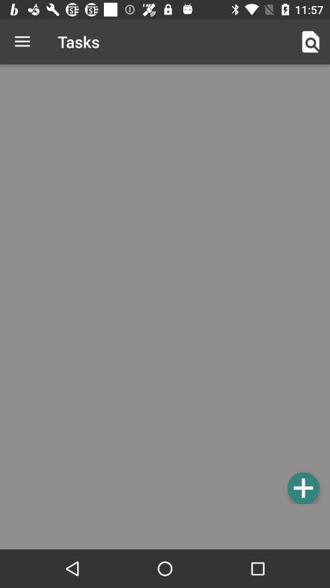 The image size is (330, 588). Describe the element at coordinates (310, 42) in the screenshot. I see `the icon to the right of the tasks item` at that location.